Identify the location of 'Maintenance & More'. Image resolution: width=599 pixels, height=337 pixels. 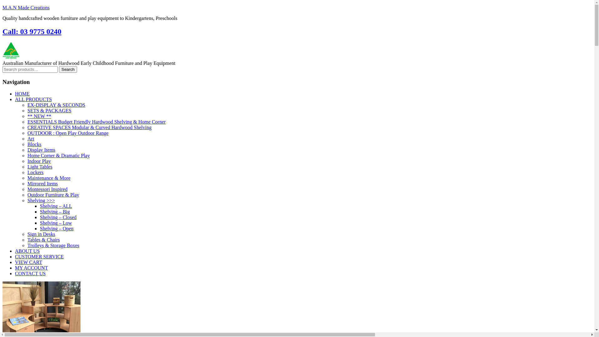
(49, 178).